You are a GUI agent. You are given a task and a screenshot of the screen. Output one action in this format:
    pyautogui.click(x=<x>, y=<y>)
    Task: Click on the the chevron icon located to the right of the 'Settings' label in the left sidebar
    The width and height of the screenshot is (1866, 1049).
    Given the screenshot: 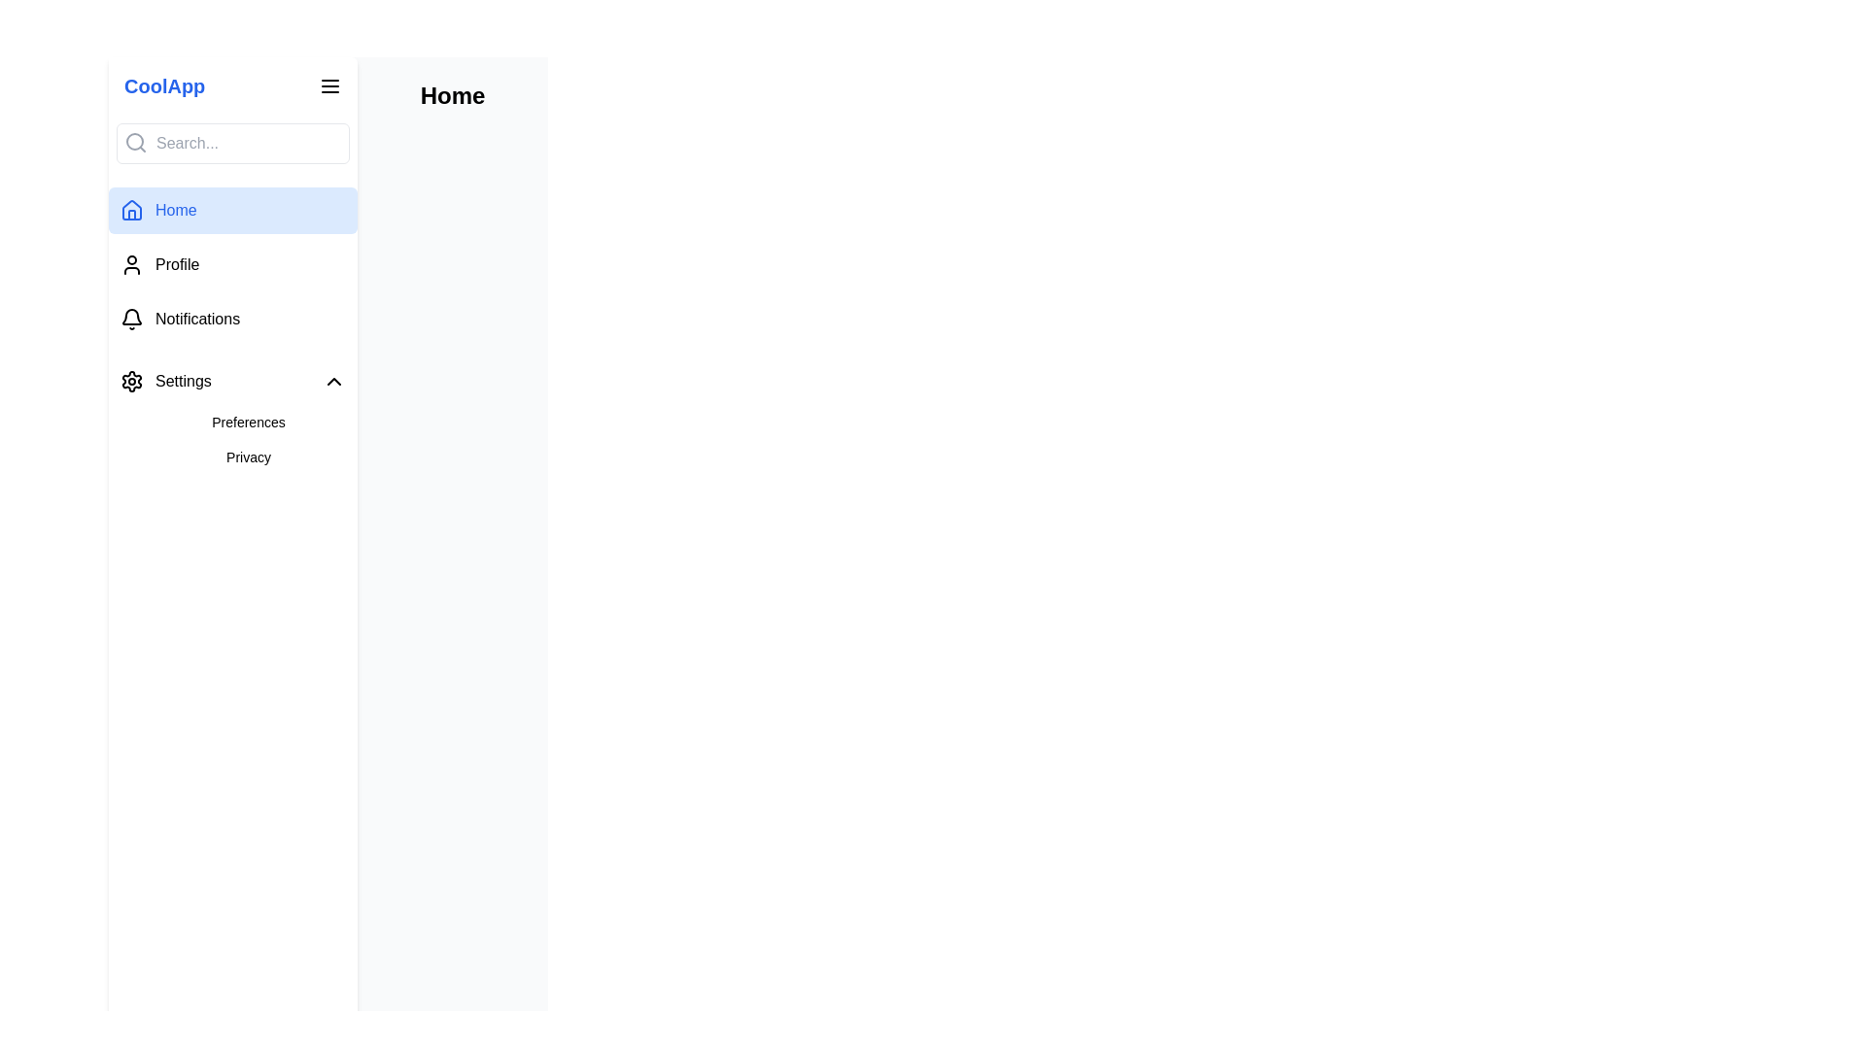 What is the action you would take?
    pyautogui.click(x=334, y=382)
    